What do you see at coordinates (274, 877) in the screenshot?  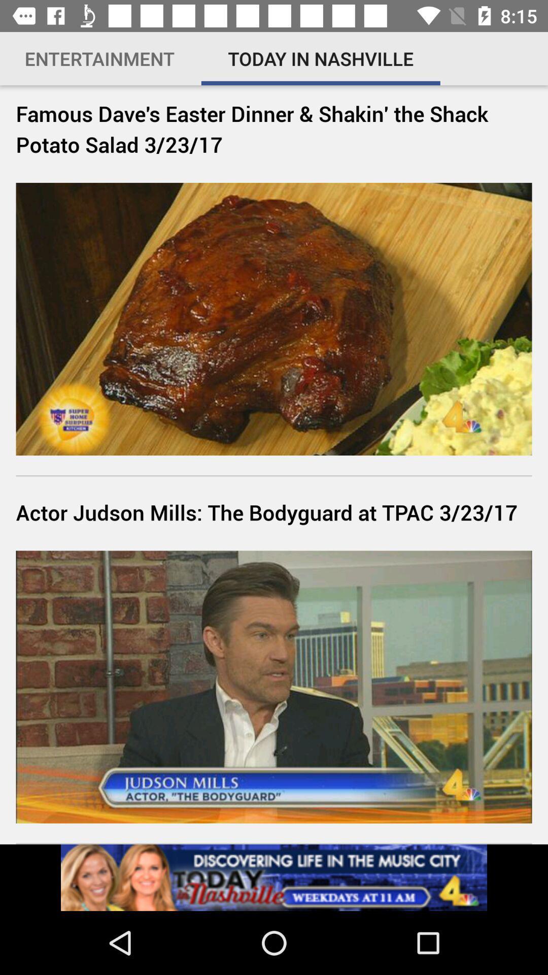 I see `the advertisement` at bounding box center [274, 877].